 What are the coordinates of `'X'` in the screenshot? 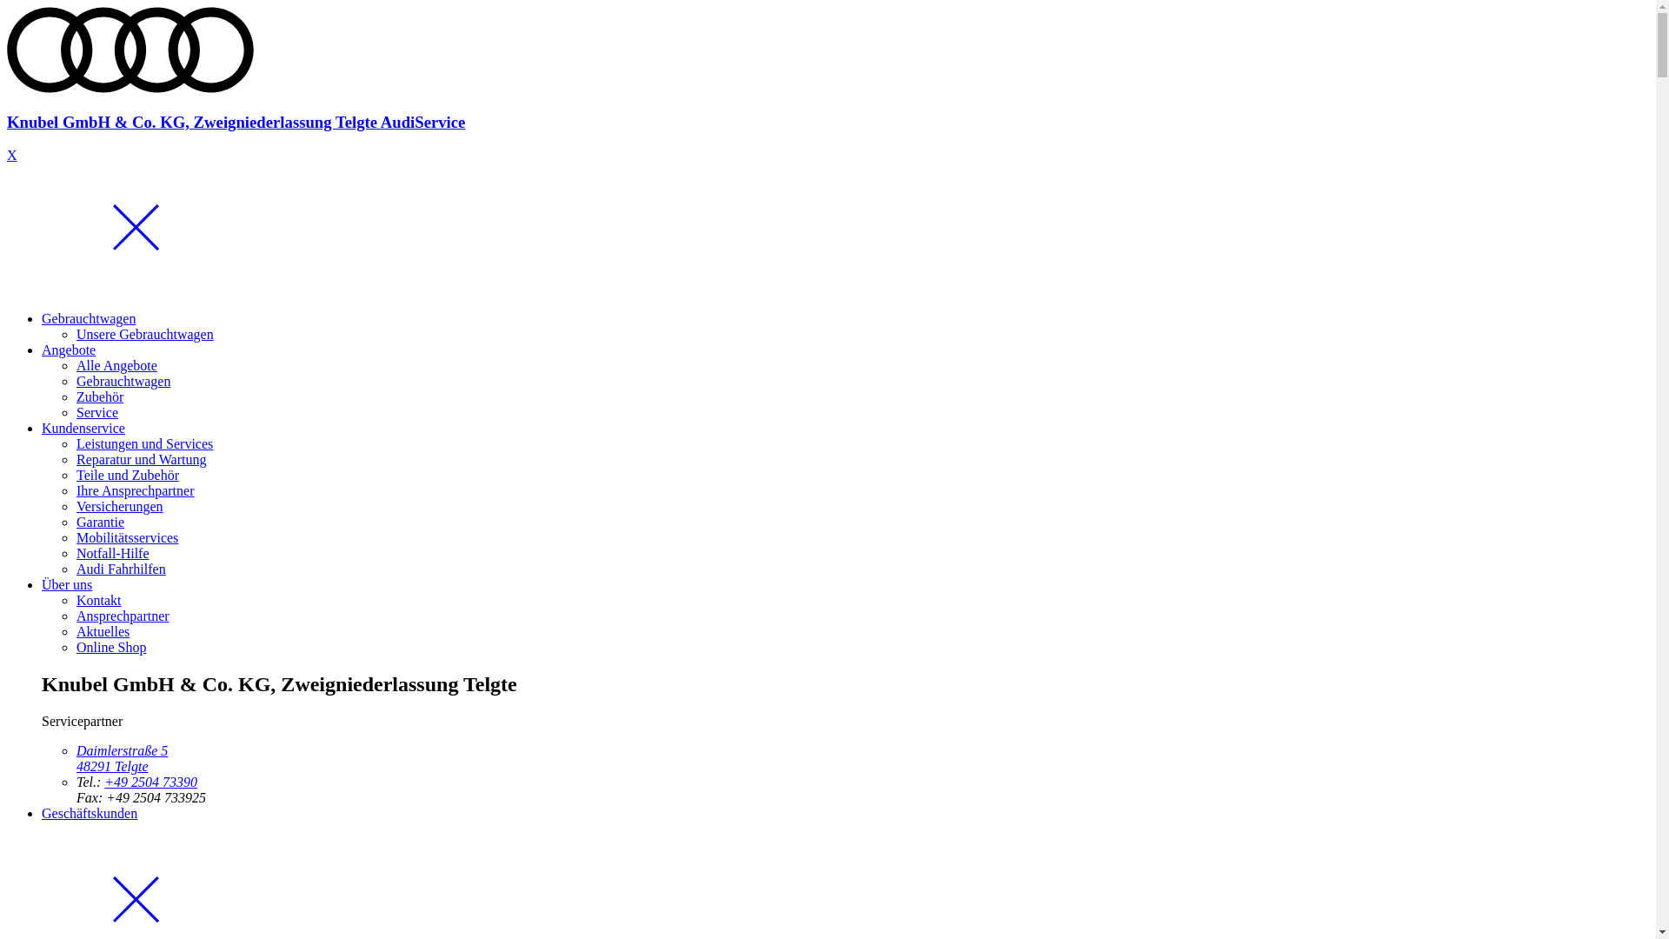 It's located at (12, 154).